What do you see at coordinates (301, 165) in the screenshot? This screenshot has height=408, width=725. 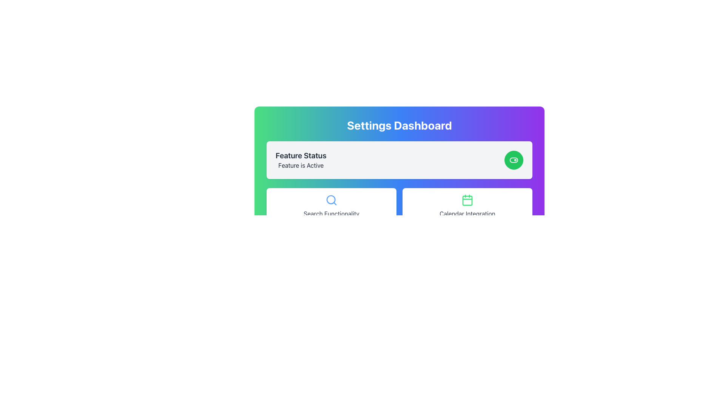 I see `the text label displaying 'Feature is Active', which is positioned below the 'Feature Status' text element` at bounding box center [301, 165].